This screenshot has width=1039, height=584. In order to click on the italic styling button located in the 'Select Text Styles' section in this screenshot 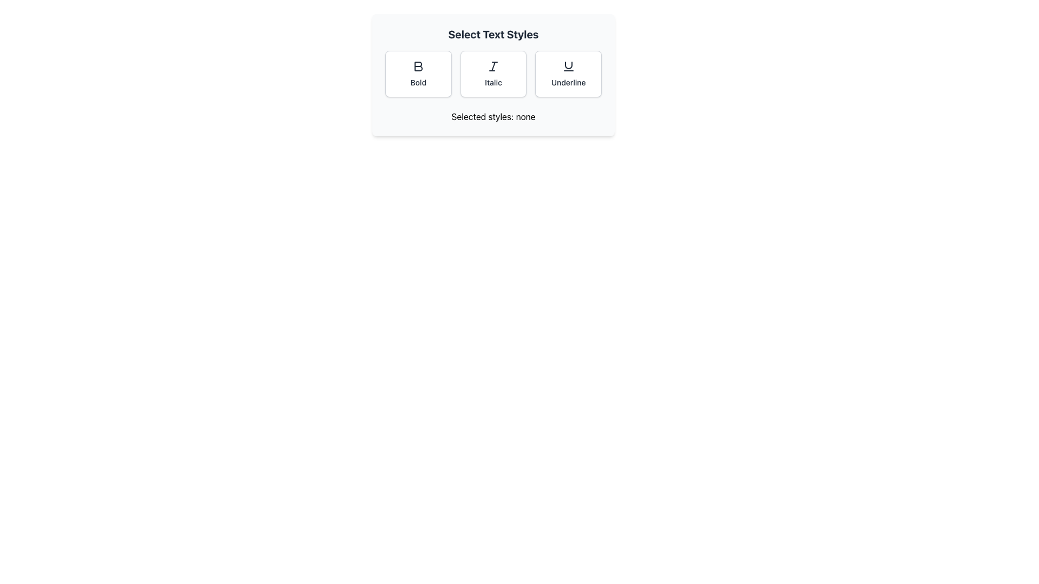, I will do `click(493, 74)`.